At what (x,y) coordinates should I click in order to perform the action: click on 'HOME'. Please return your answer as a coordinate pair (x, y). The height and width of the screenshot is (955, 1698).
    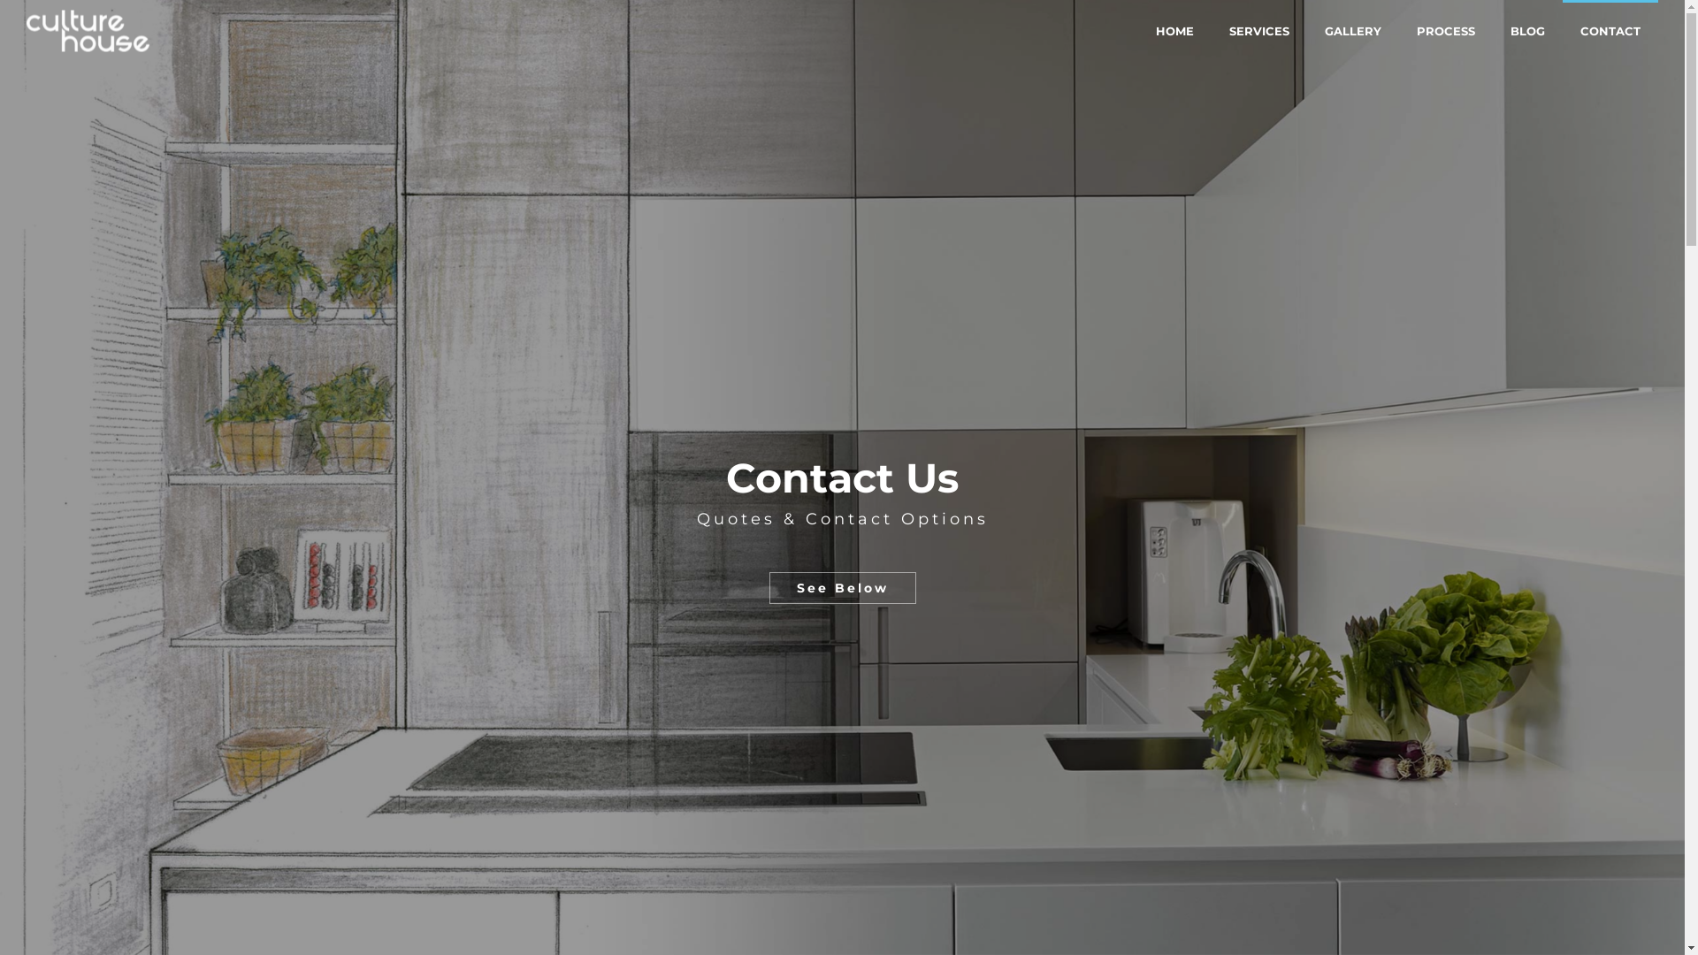
    Looking at the image, I should click on (1174, 30).